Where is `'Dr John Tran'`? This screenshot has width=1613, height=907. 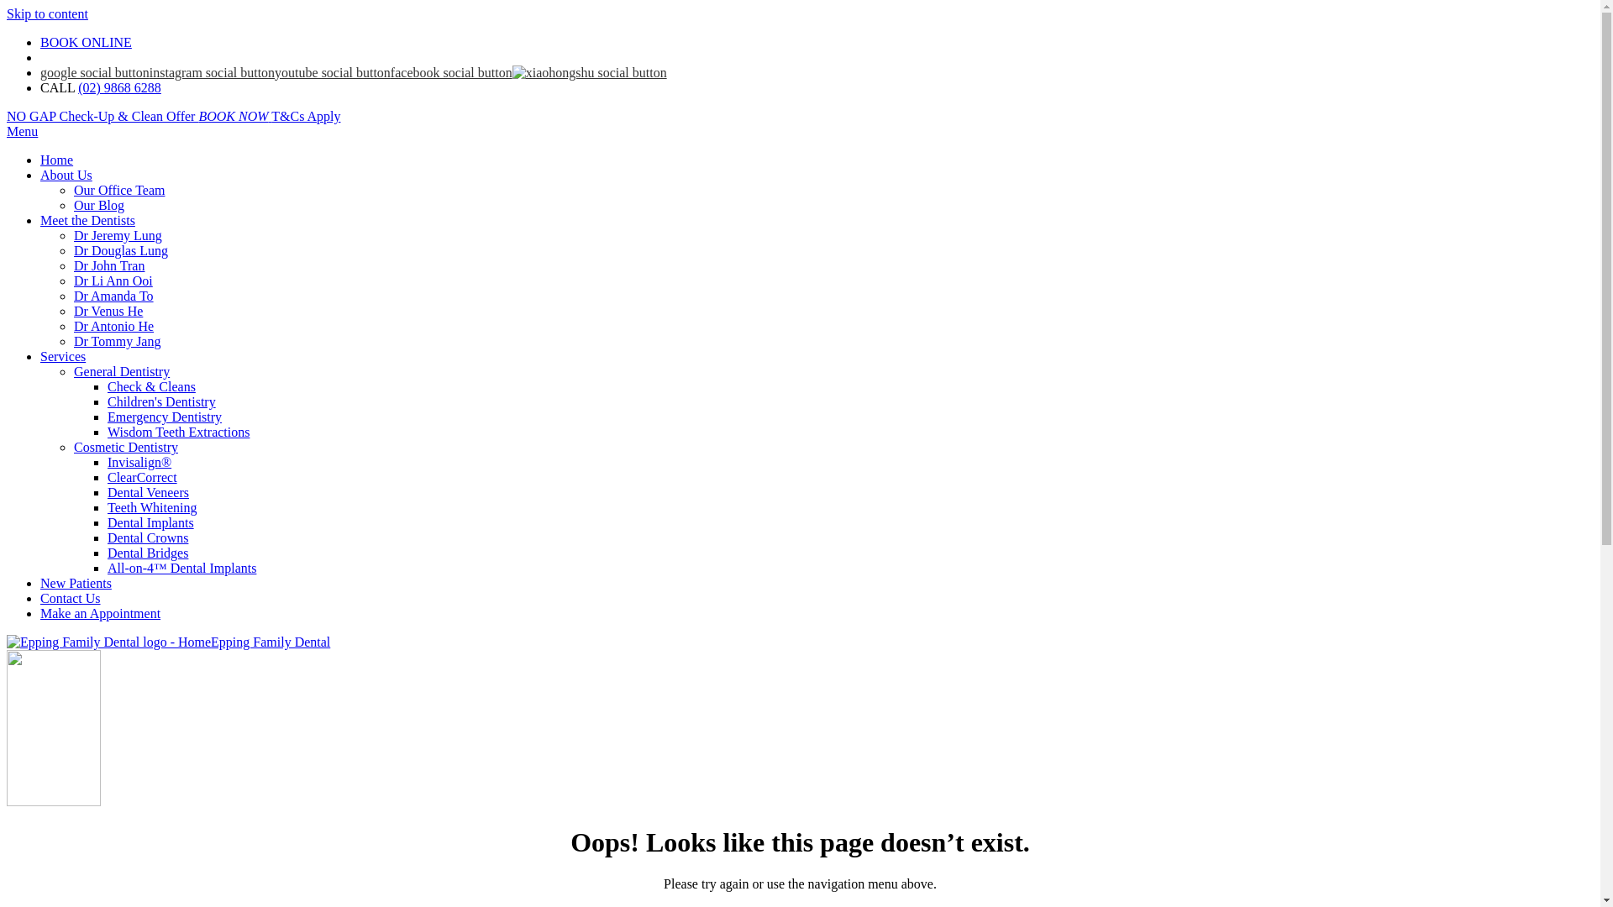 'Dr John Tran' is located at coordinates (108, 265).